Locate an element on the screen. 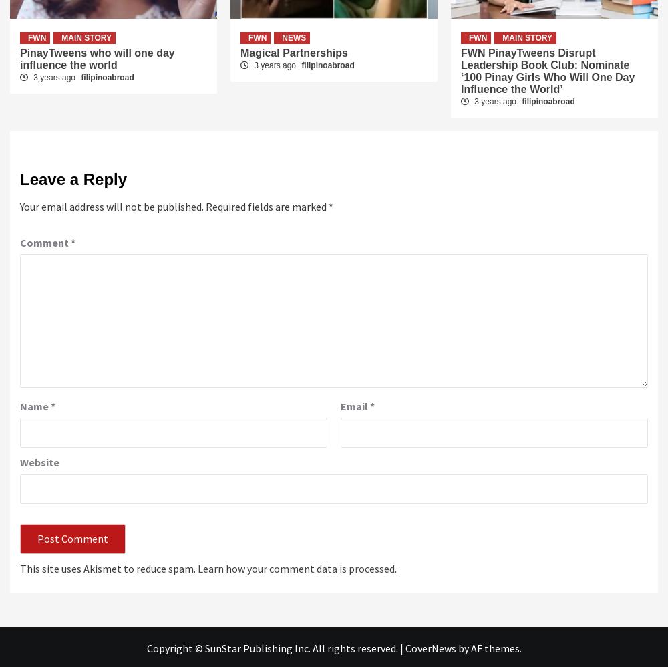  'Magical Partnerships' is located at coordinates (240, 51).